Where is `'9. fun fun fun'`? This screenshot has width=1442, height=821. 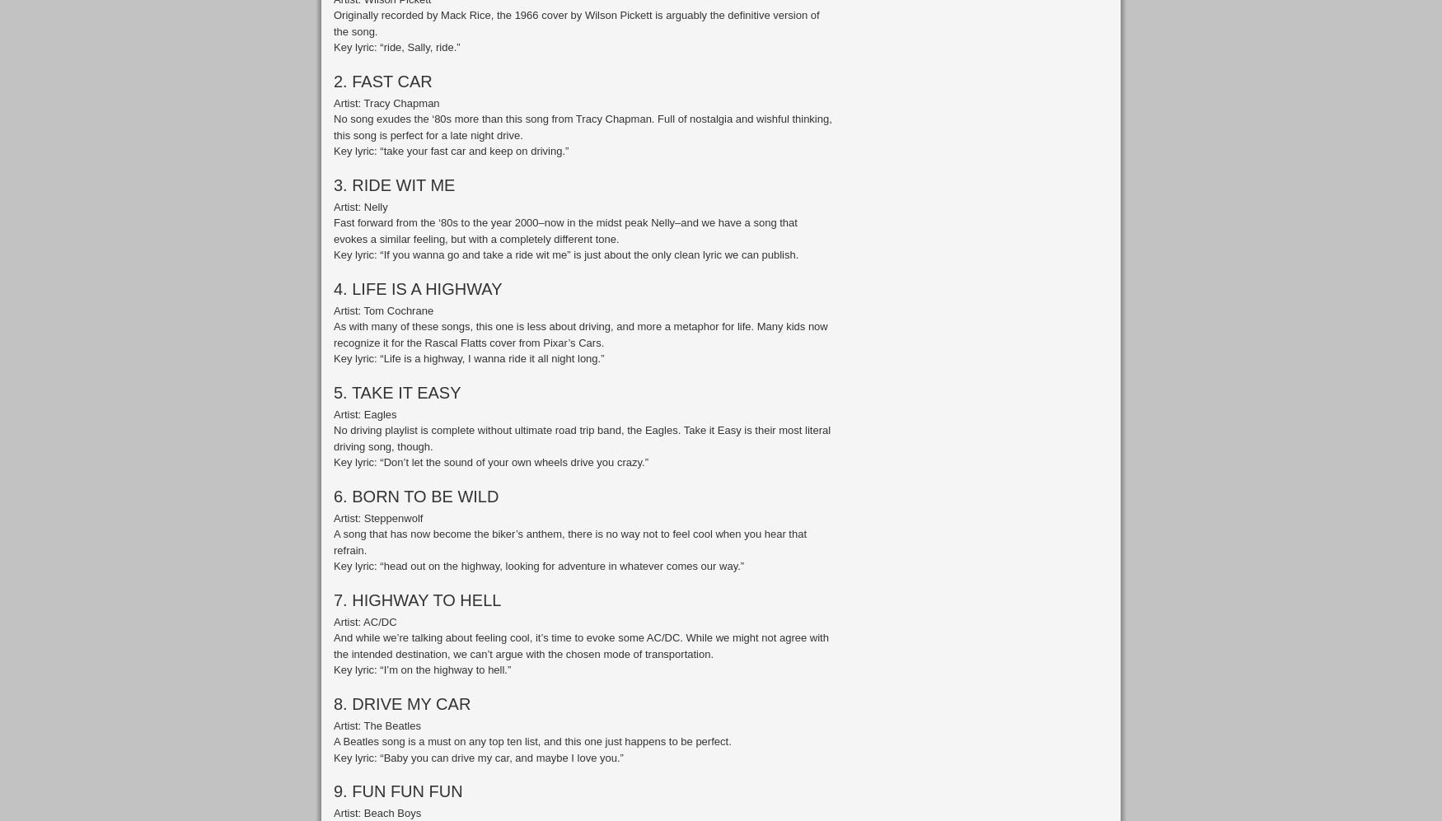
'9. fun fun fun' is located at coordinates (398, 791).